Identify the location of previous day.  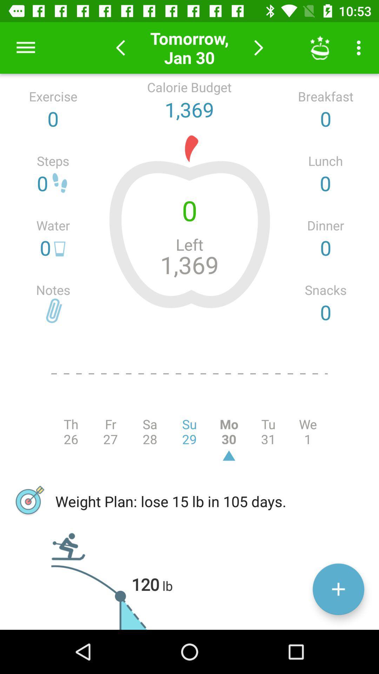
(120, 47).